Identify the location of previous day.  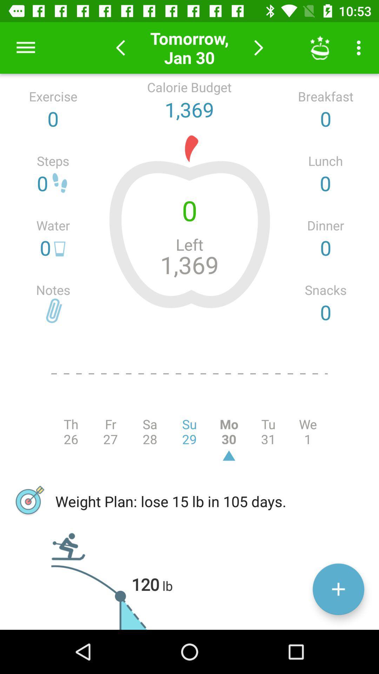
(120, 47).